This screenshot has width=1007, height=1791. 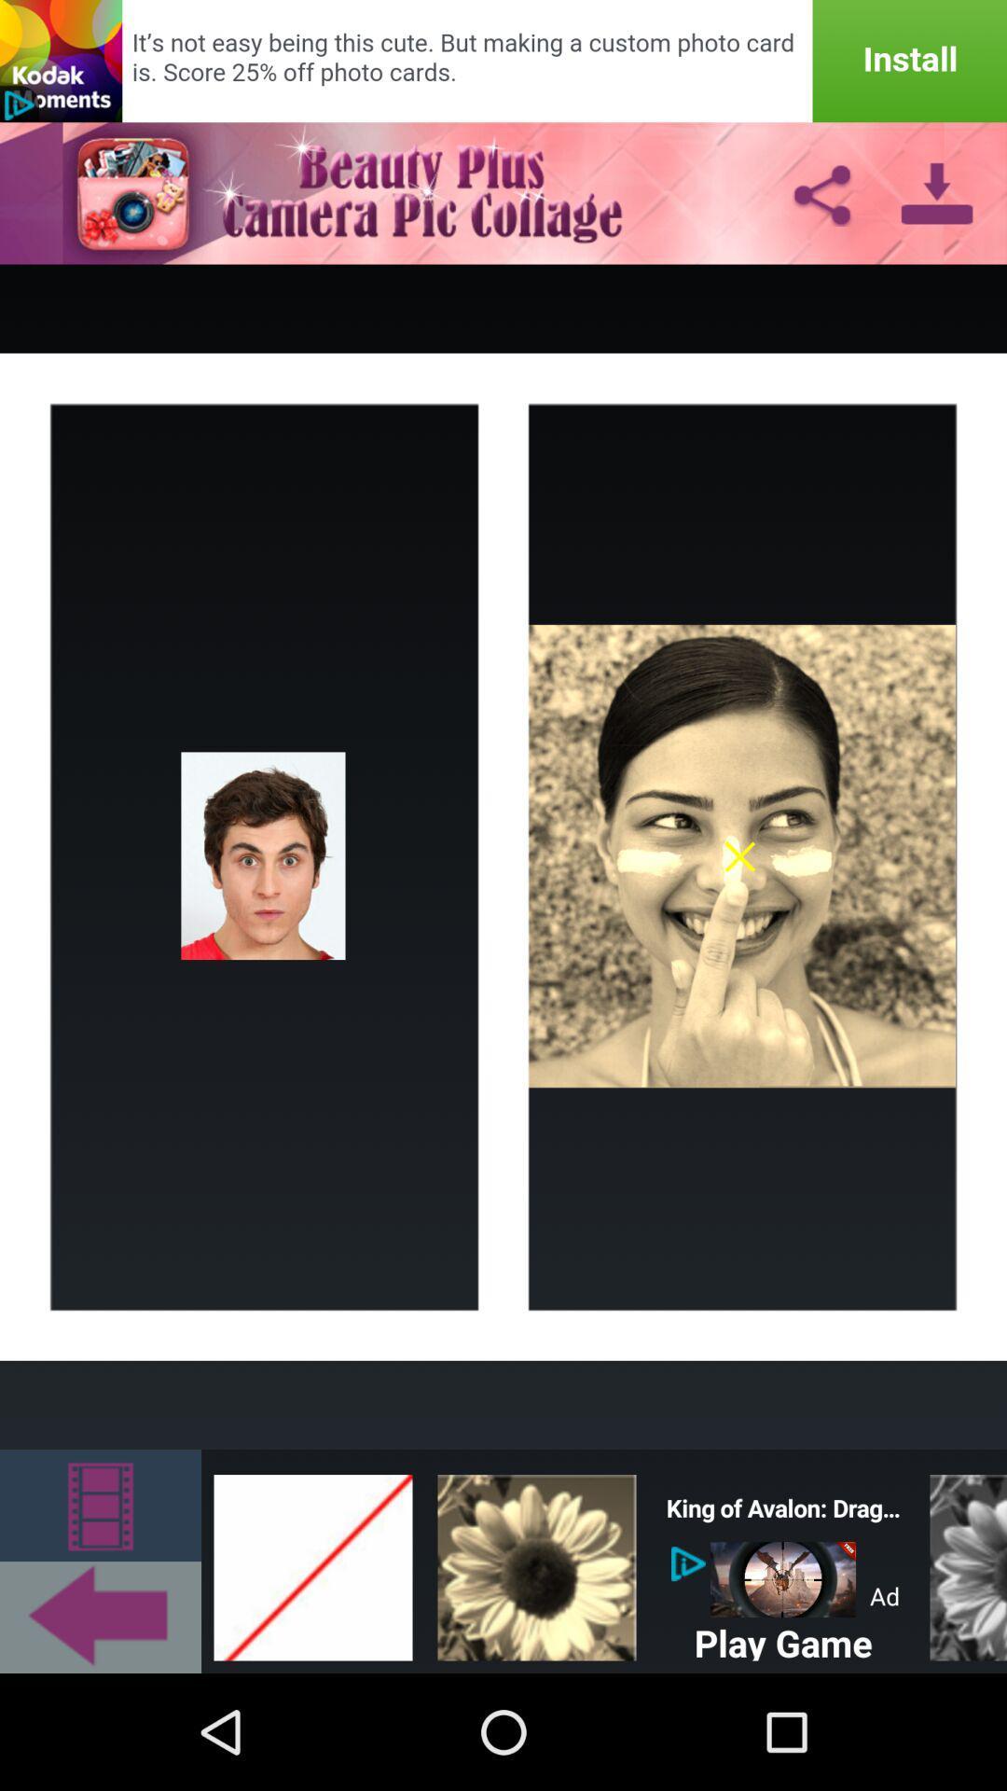 I want to click on the arrow_backward icon, so click(x=101, y=1729).